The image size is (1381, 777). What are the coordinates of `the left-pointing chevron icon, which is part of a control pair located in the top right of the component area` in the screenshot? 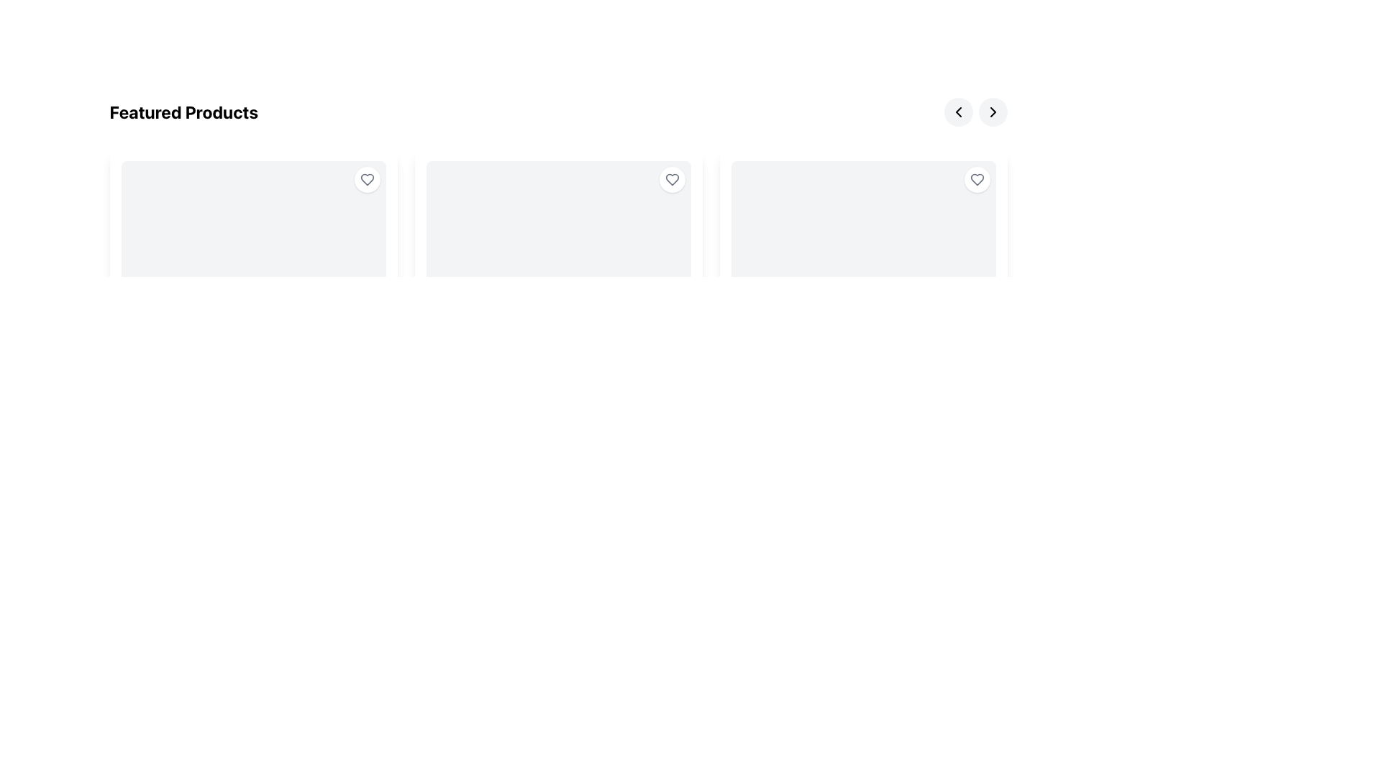 It's located at (958, 111).